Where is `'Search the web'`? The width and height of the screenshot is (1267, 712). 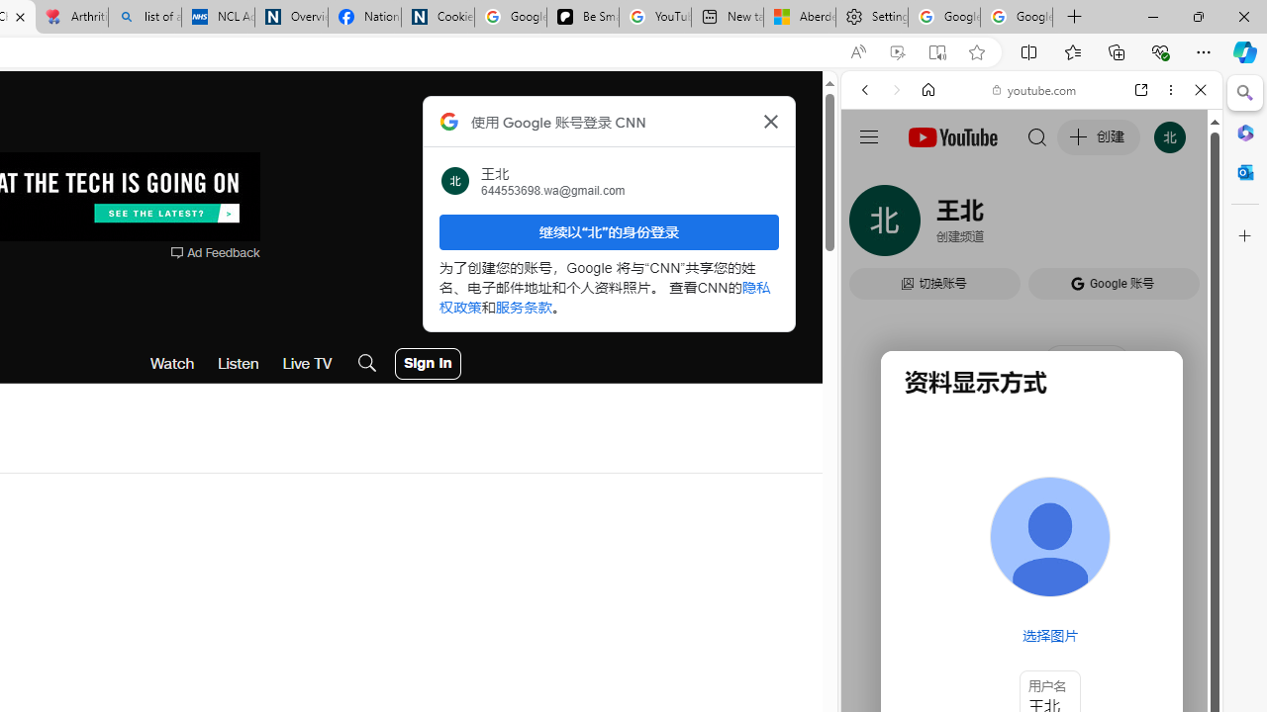 'Search the web' is located at coordinates (1040, 135).